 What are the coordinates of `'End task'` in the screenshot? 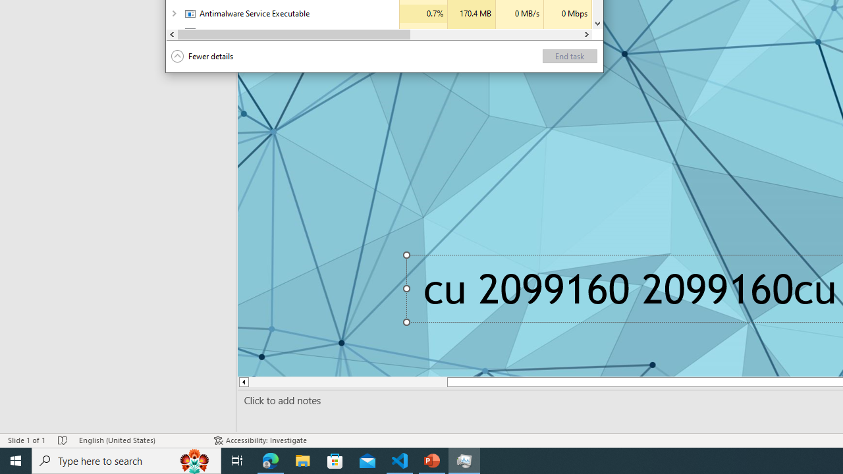 It's located at (570, 55).